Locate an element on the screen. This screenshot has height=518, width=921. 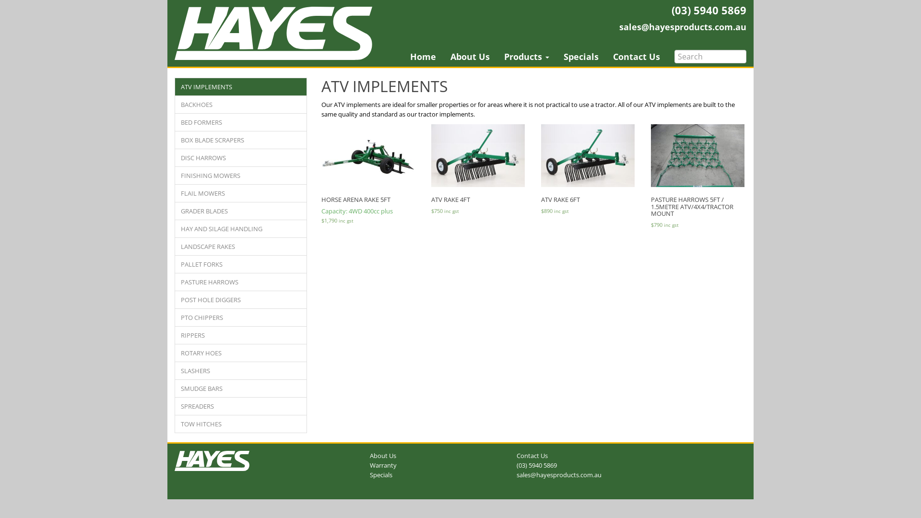
'POST HOLE DIGGERS' is located at coordinates (175, 299).